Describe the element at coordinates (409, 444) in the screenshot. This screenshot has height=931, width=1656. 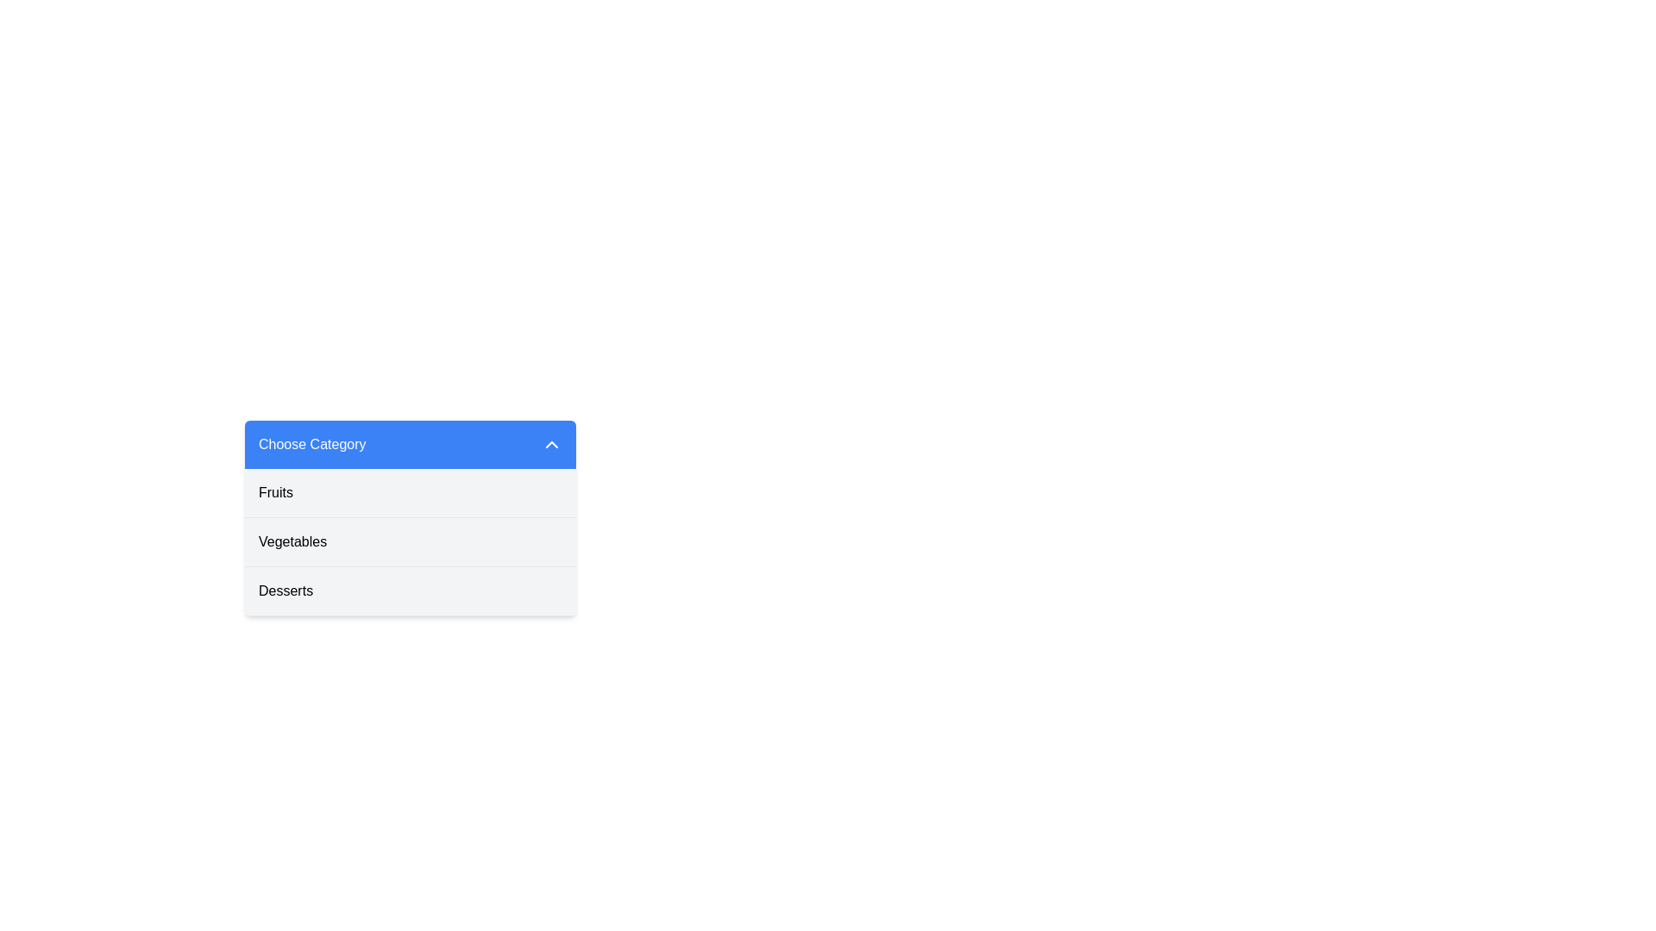
I see `the blue rectangular dropdown trigger labeled 'Choose Category'` at that location.